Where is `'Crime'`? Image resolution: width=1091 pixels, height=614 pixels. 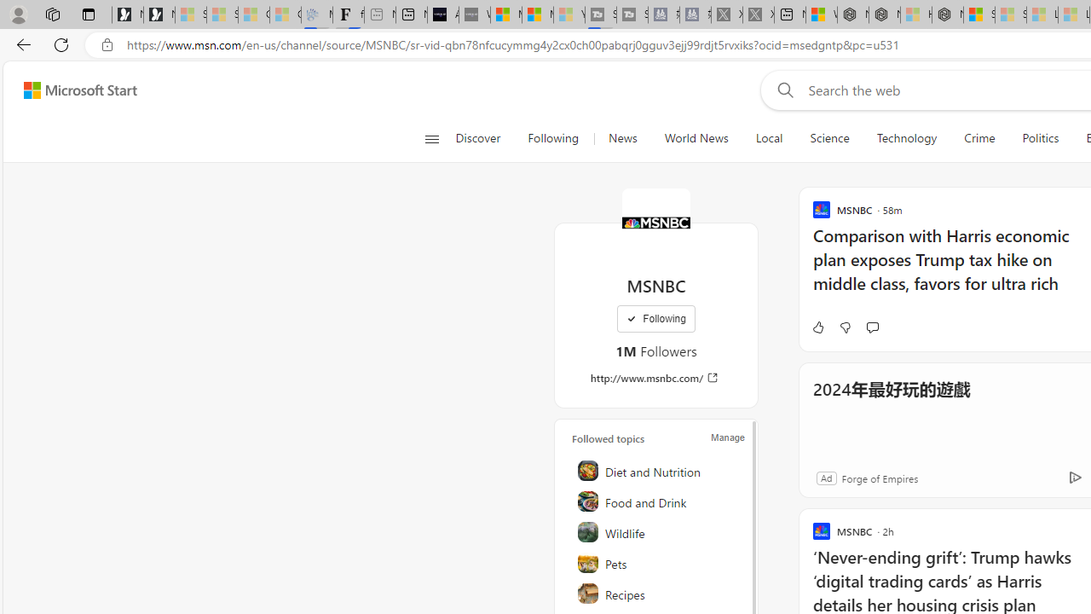
'Crime' is located at coordinates (979, 138).